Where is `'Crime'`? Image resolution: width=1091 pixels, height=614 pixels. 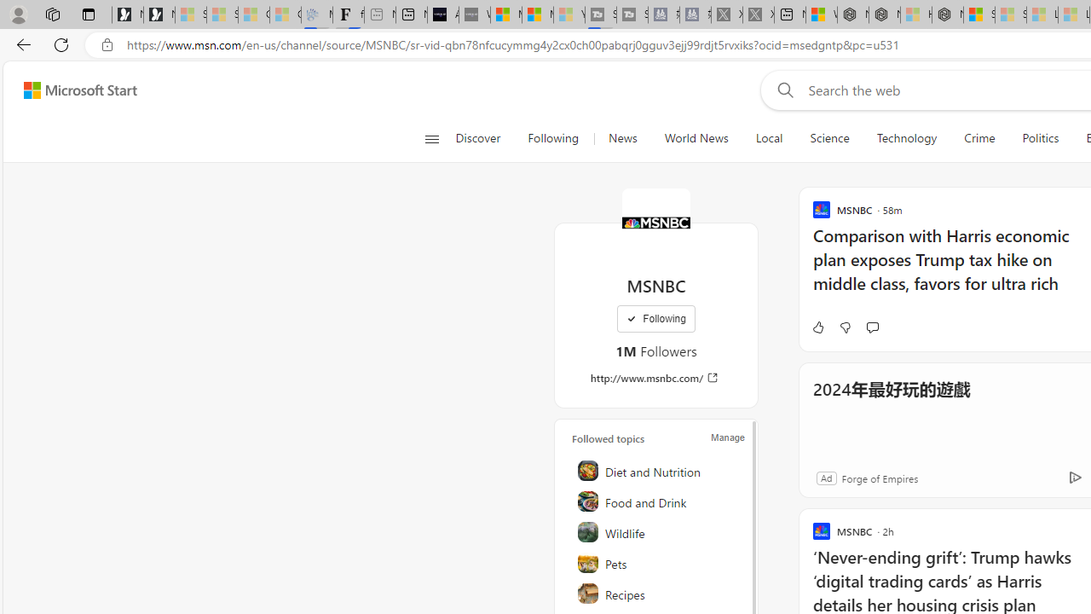
'Crime' is located at coordinates (979, 138).